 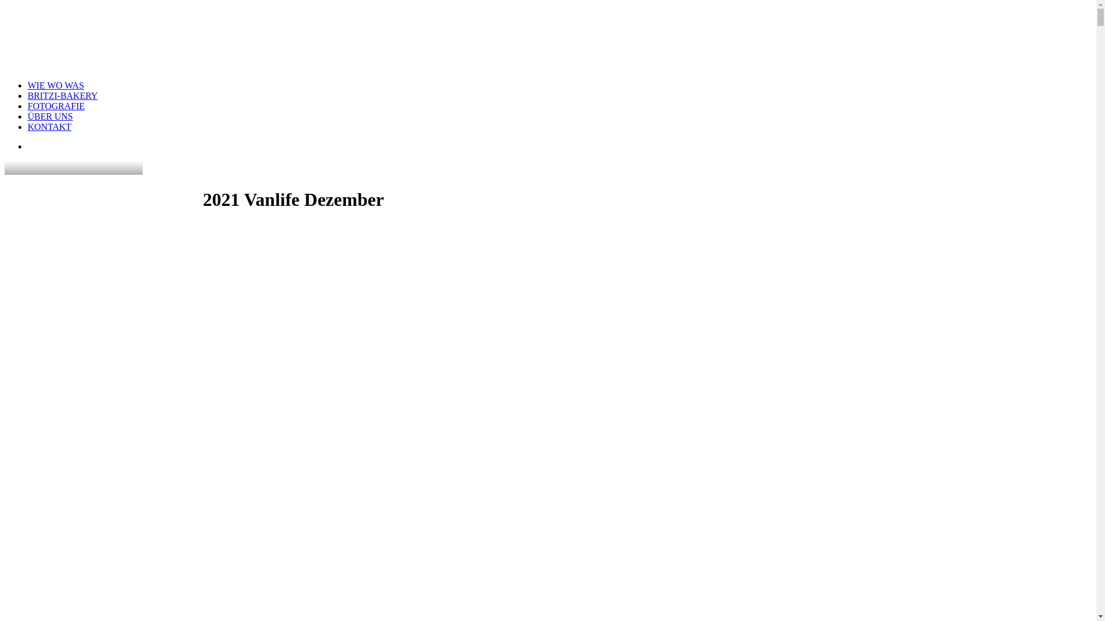 What do you see at coordinates (55, 106) in the screenshot?
I see `'FOTOGRAFIE'` at bounding box center [55, 106].